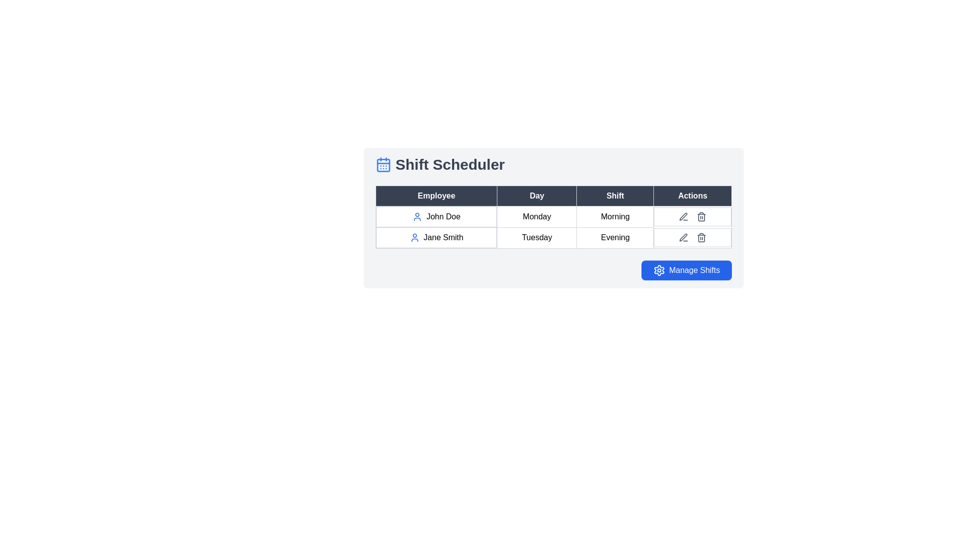  I want to click on the pencil icon button in the 'Actions' column of the second row, so click(683, 216).